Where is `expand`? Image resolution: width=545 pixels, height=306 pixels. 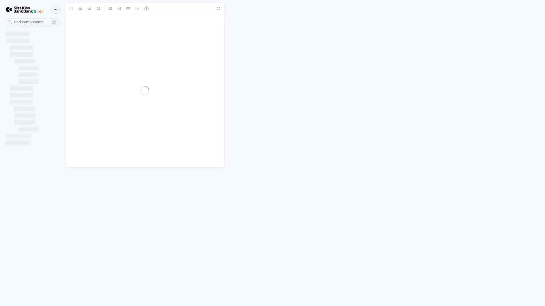 expand is located at coordinates (57, 33).